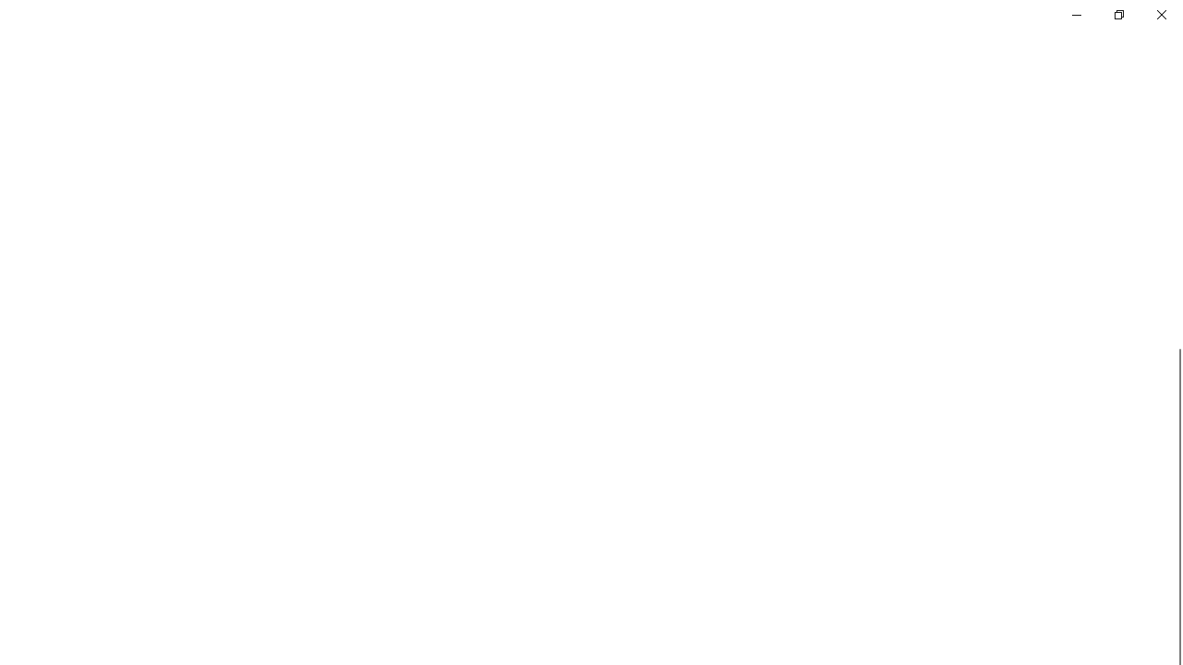  Describe the element at coordinates (1175, 96) in the screenshot. I see `'Vertical Small Decrease'` at that location.